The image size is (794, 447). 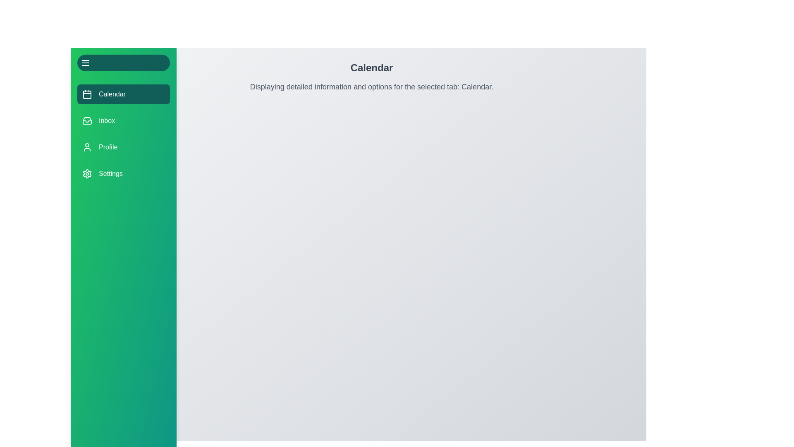 I want to click on toggle button to toggle the drawer's open/close state, so click(x=123, y=62).